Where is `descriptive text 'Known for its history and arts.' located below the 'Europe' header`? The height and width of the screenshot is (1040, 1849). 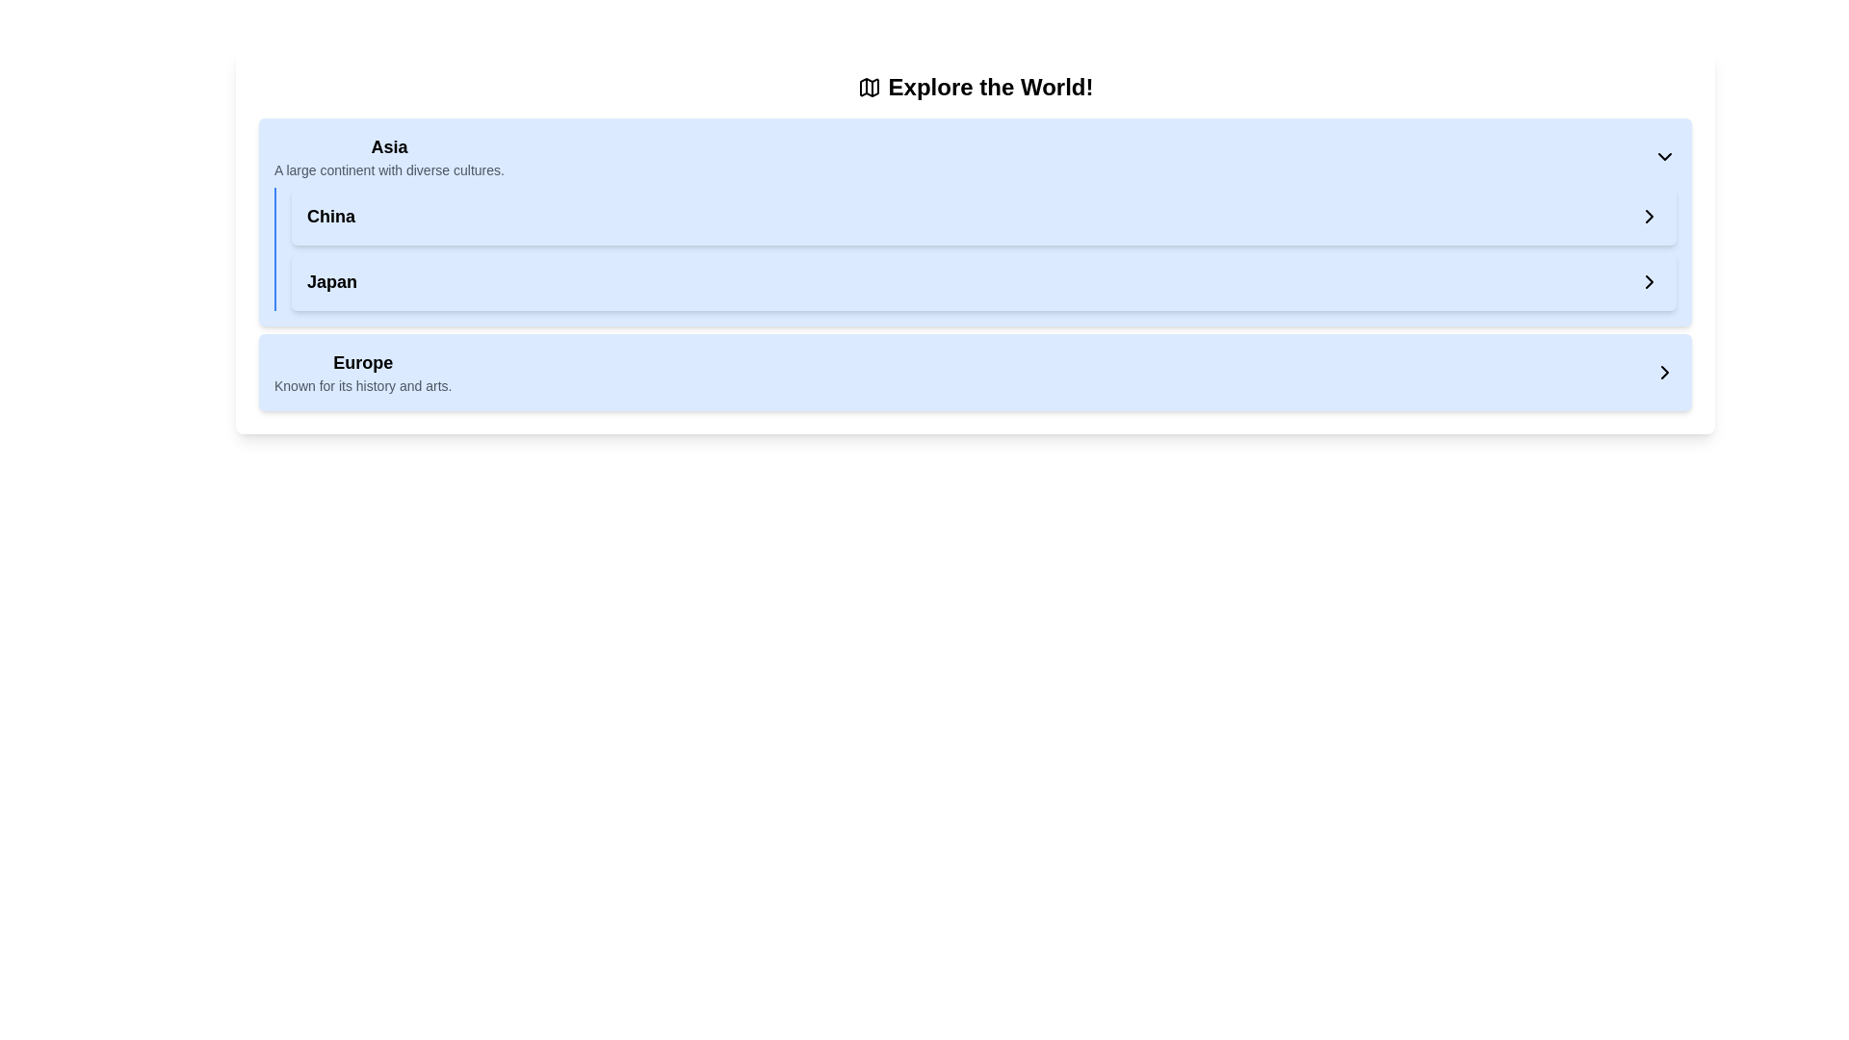 descriptive text 'Known for its history and arts.' located below the 'Europe' header is located at coordinates (363, 386).